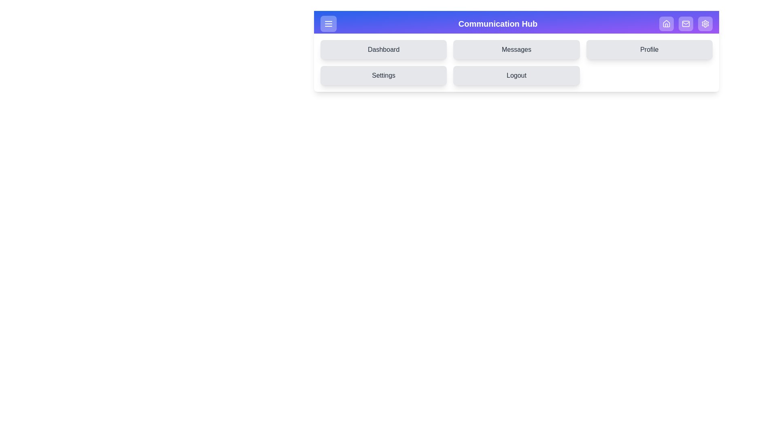  Describe the element at coordinates (666, 23) in the screenshot. I see `the Home icon in the top-right of the app bar` at that location.